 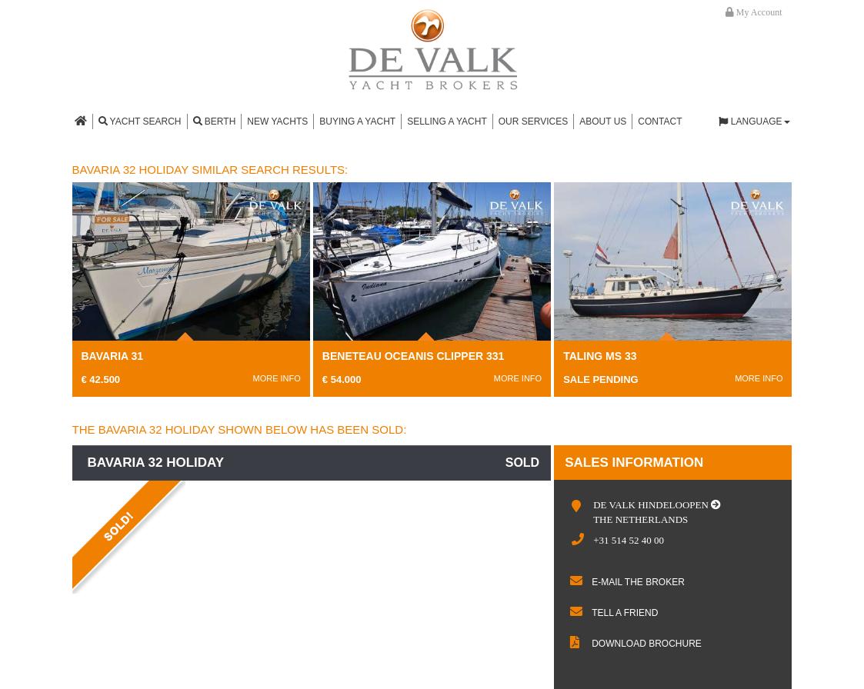 I want to click on 'Language', so click(x=755, y=121).